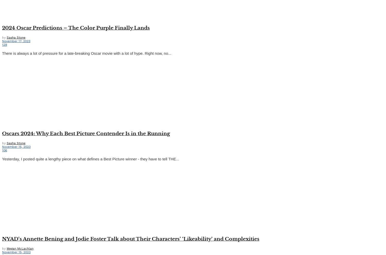  What do you see at coordinates (86, 53) in the screenshot?
I see `'There is always a lot of pressure for a late-breaking Oscar movie with a lot of hype. Right now, no...'` at bounding box center [86, 53].